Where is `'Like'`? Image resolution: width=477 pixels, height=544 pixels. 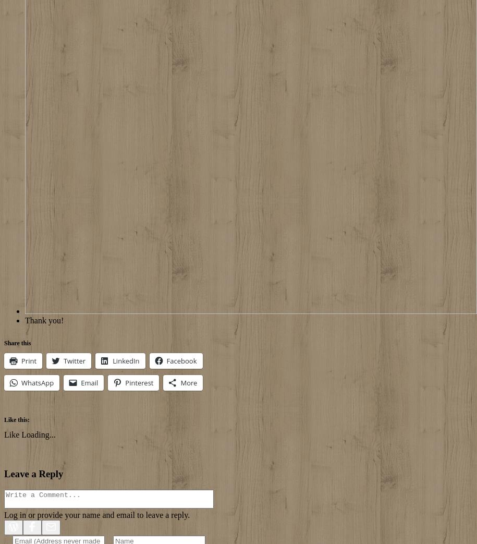 'Like' is located at coordinates (11, 434).